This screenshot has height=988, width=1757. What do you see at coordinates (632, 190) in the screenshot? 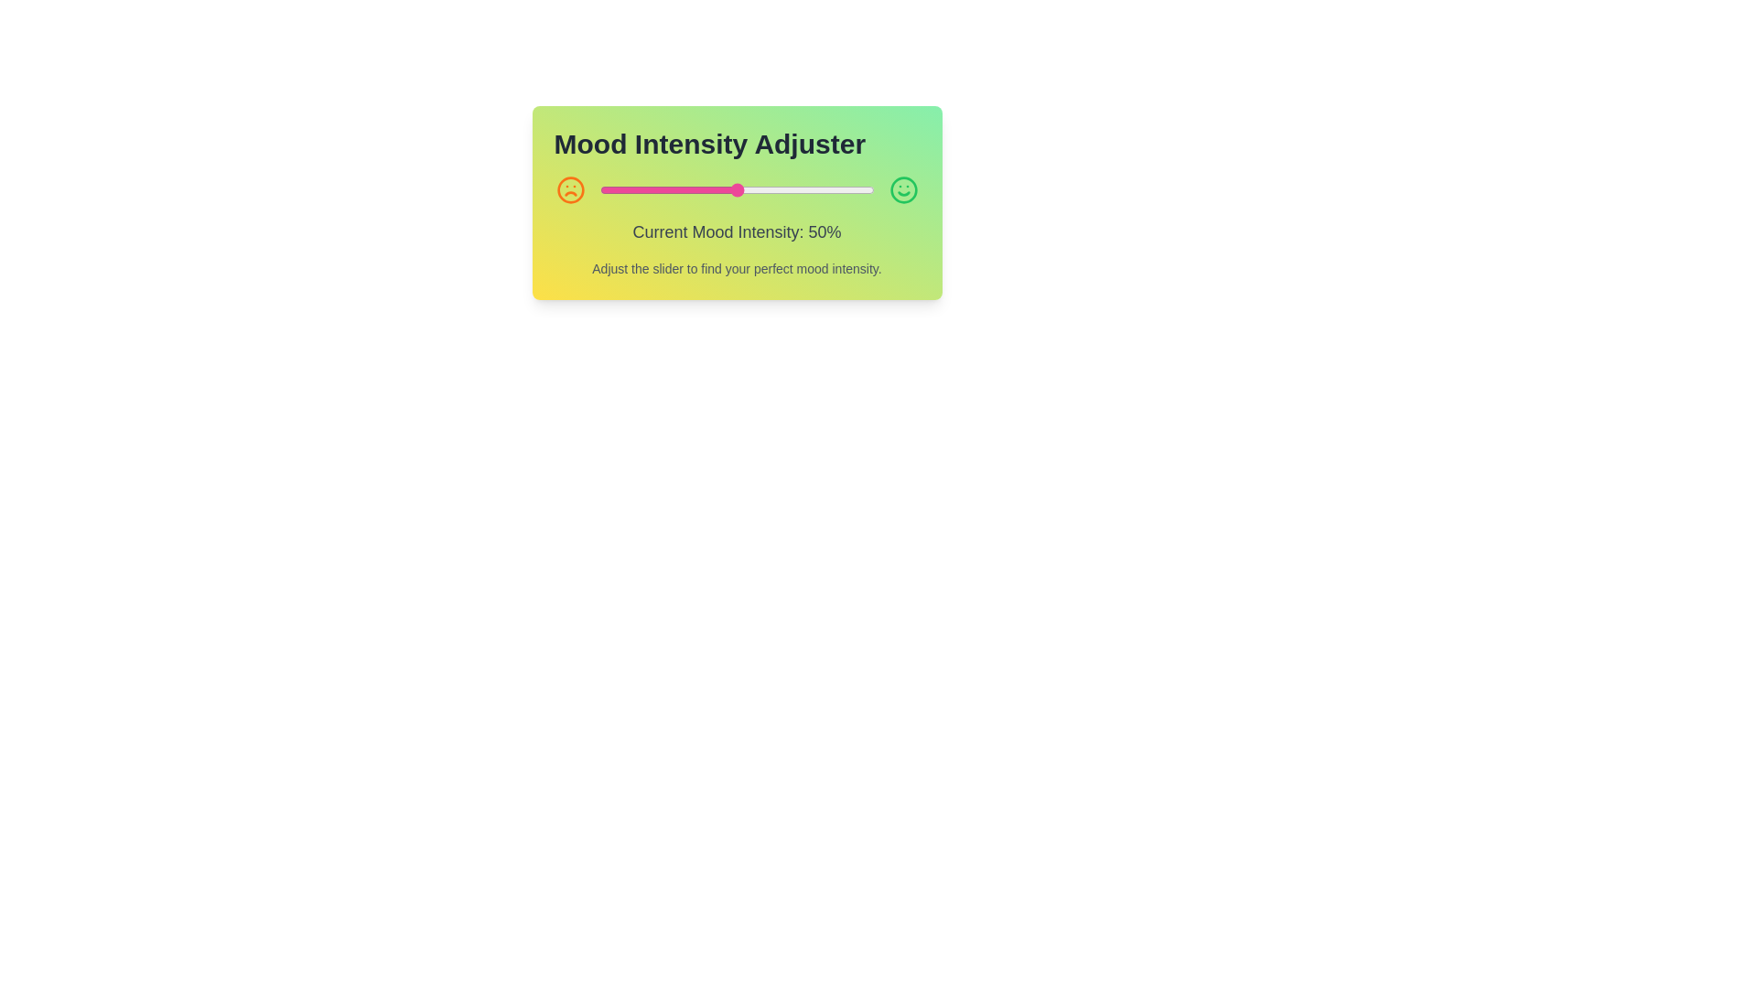
I see `the mood intensity slider to 12% by dragging the slider handle` at bounding box center [632, 190].